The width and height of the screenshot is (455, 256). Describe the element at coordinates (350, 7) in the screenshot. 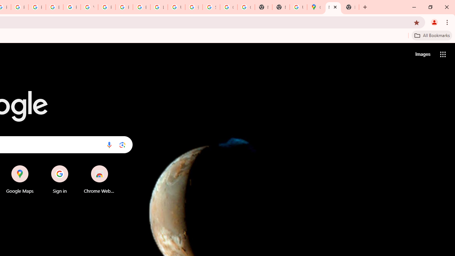

I see `'New Tab'` at that location.